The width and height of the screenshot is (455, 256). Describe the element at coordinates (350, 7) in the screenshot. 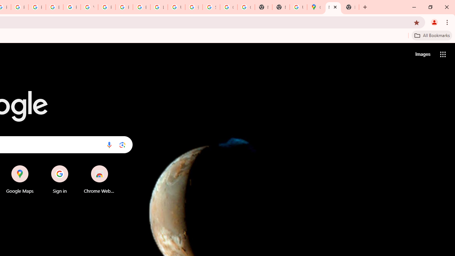

I see `'New Tab'` at that location.